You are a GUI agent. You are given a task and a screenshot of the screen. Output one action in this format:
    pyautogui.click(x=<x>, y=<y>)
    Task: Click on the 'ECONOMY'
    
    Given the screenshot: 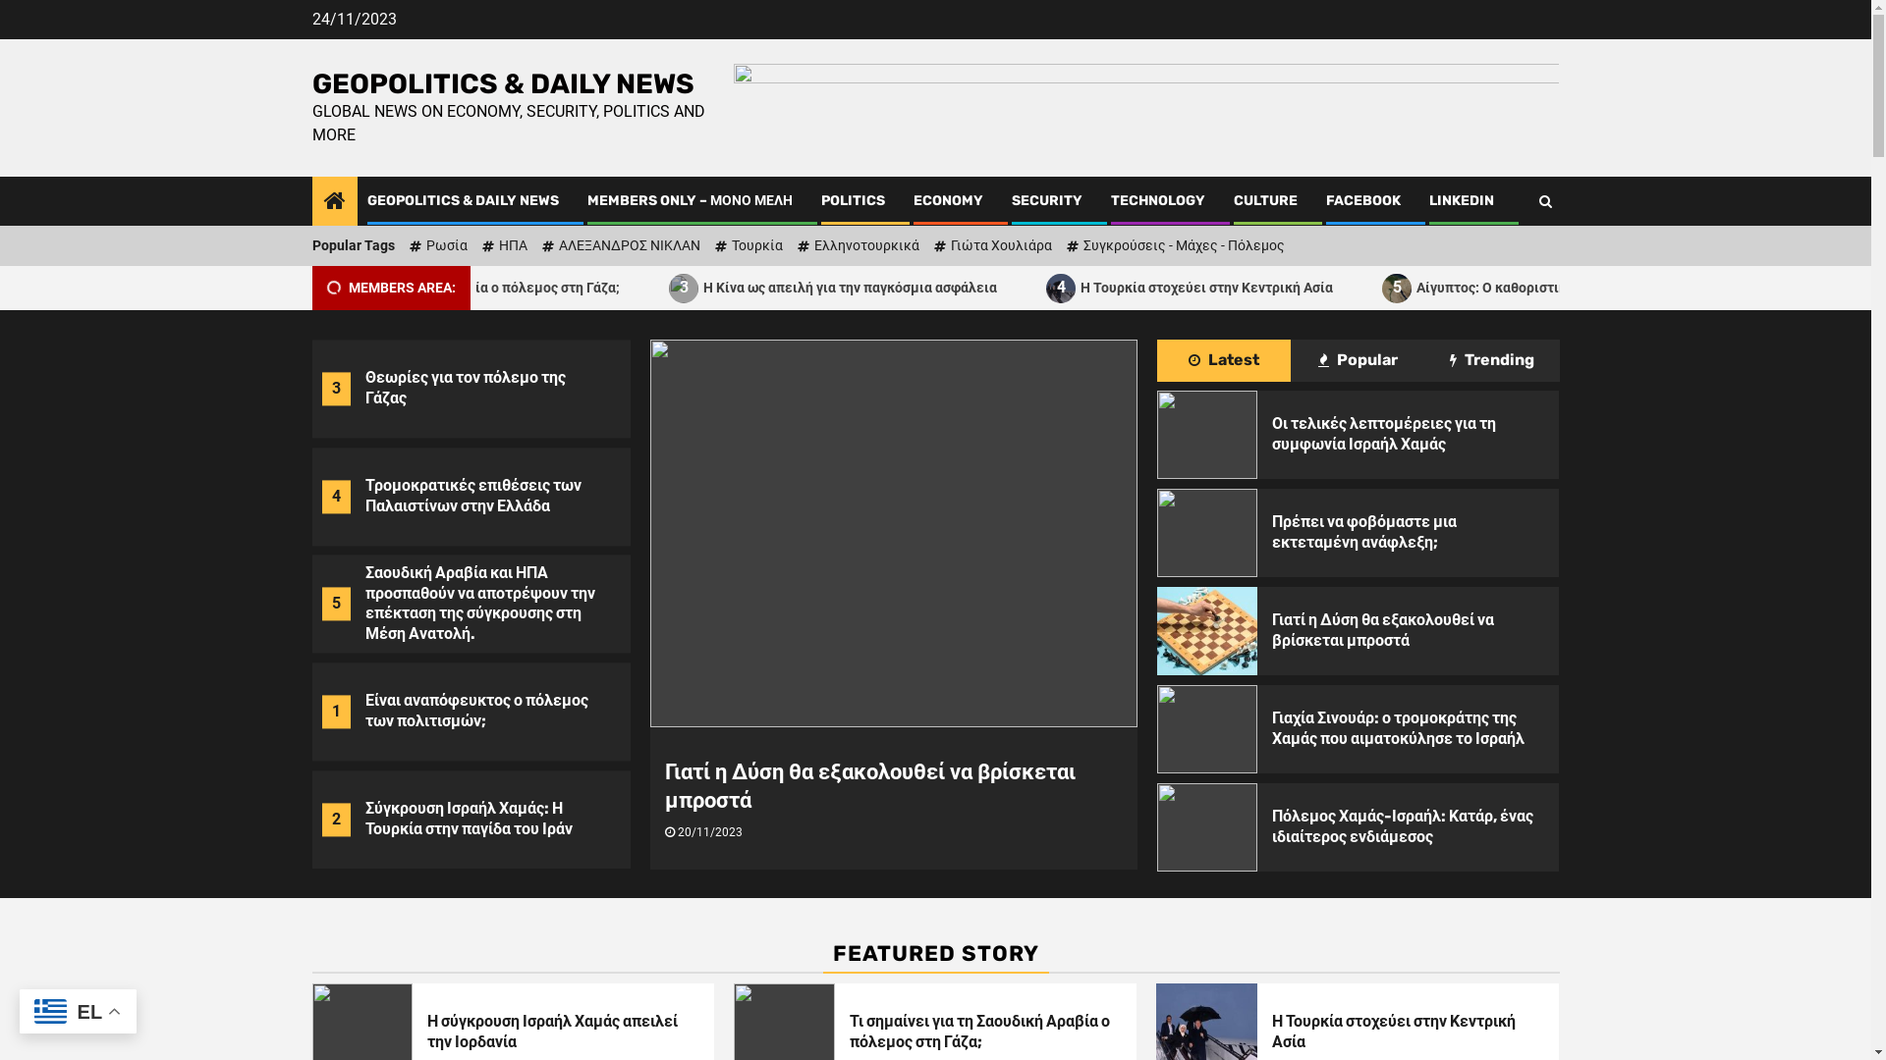 What is the action you would take?
    pyautogui.click(x=948, y=200)
    